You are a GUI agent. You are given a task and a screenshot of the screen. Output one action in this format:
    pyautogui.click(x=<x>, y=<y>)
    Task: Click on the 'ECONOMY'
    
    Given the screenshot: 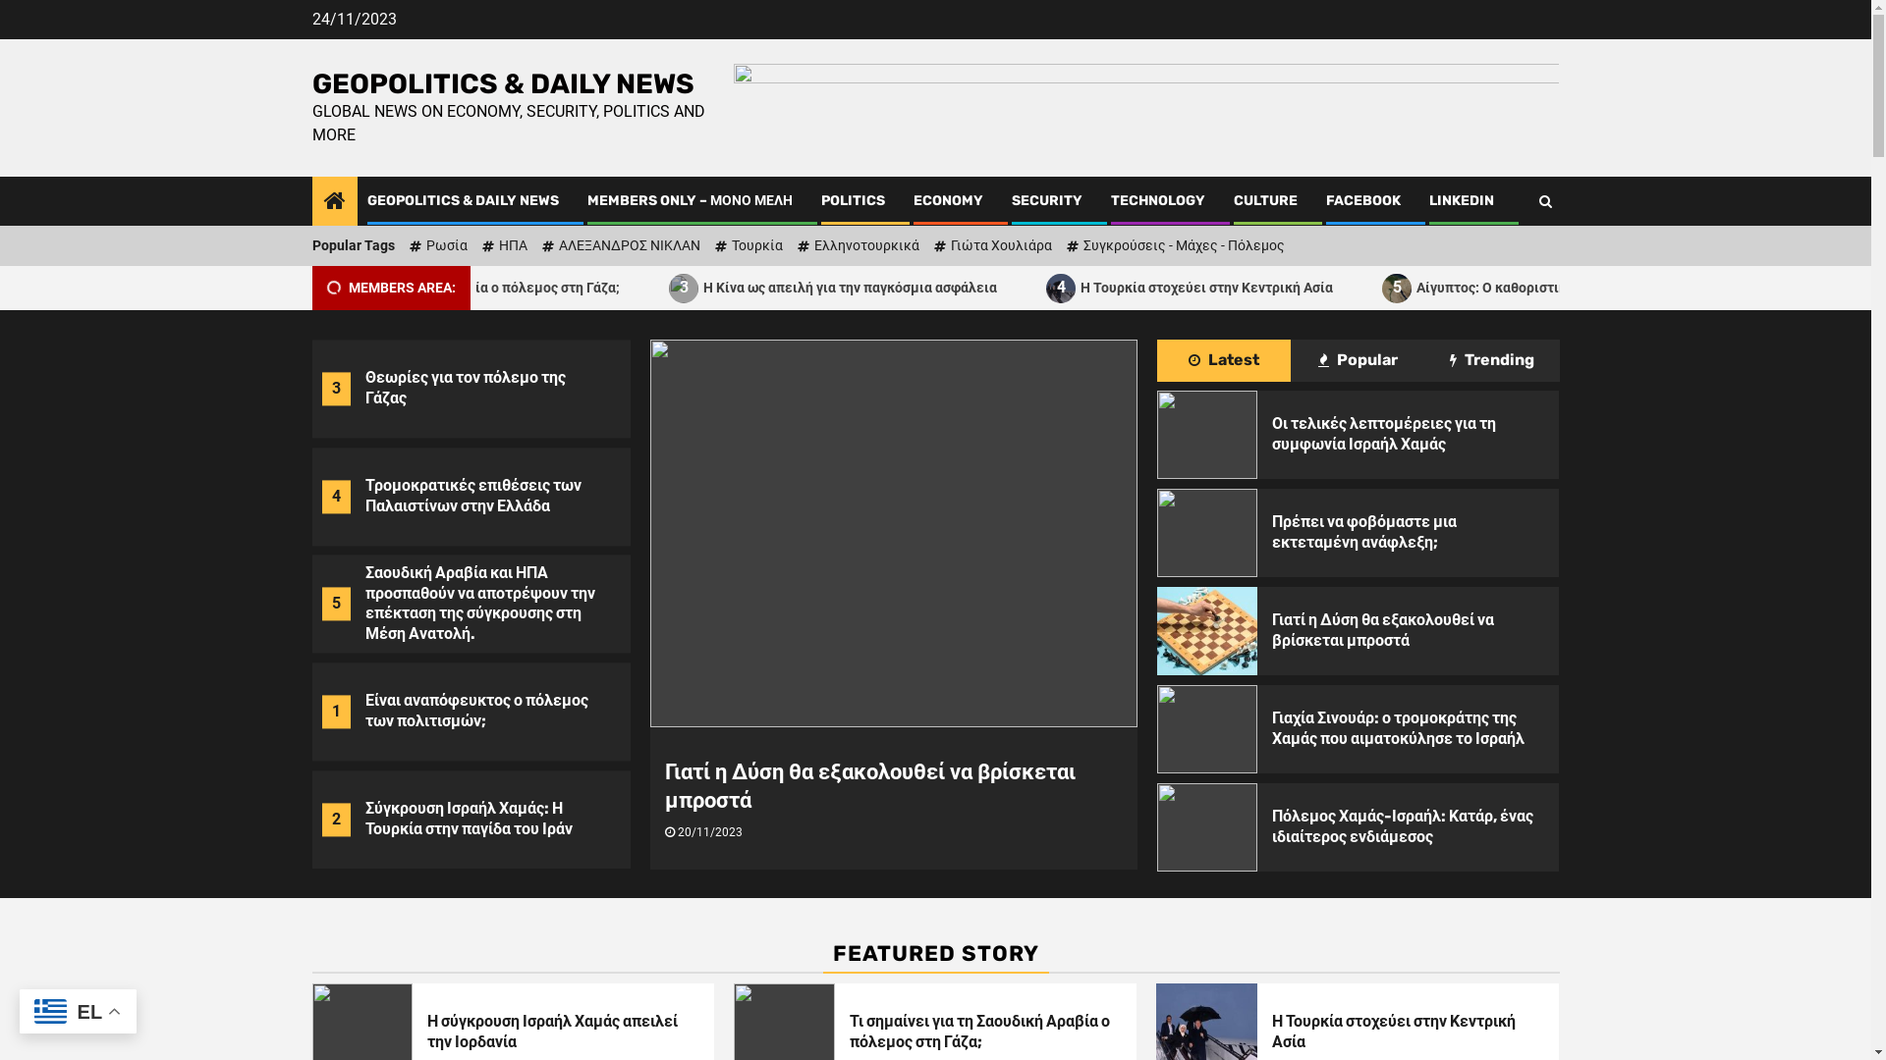 What is the action you would take?
    pyautogui.click(x=948, y=200)
    